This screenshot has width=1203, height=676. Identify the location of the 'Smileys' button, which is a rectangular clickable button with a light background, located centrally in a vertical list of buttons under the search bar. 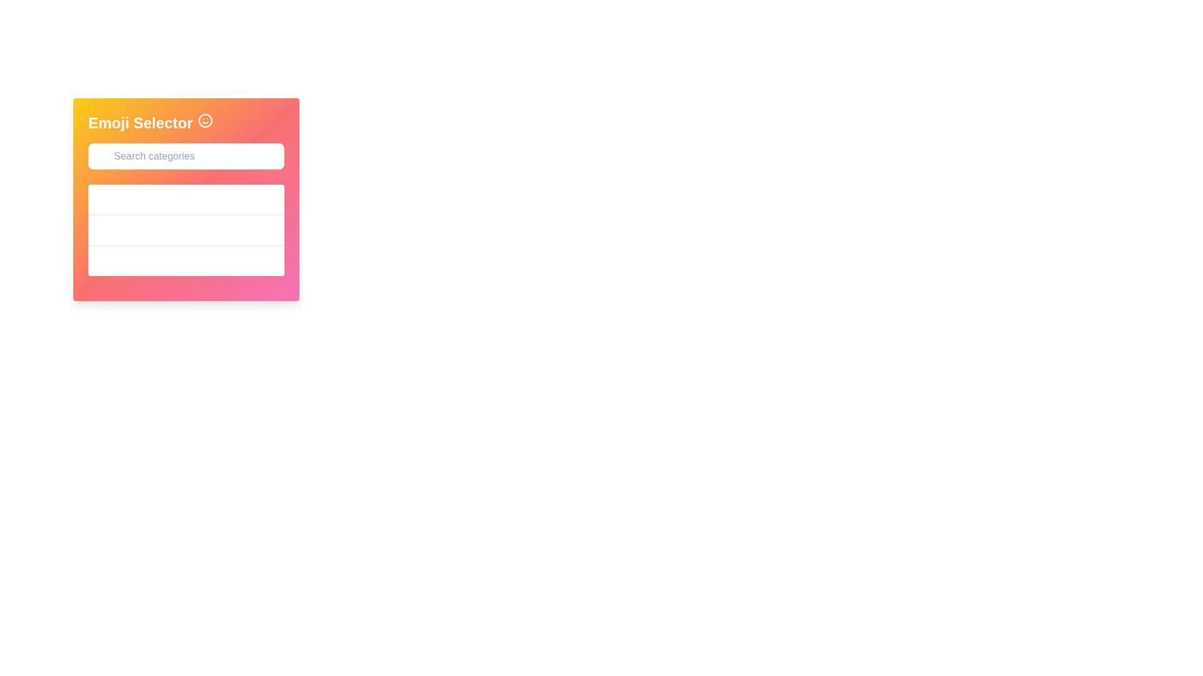
(185, 199).